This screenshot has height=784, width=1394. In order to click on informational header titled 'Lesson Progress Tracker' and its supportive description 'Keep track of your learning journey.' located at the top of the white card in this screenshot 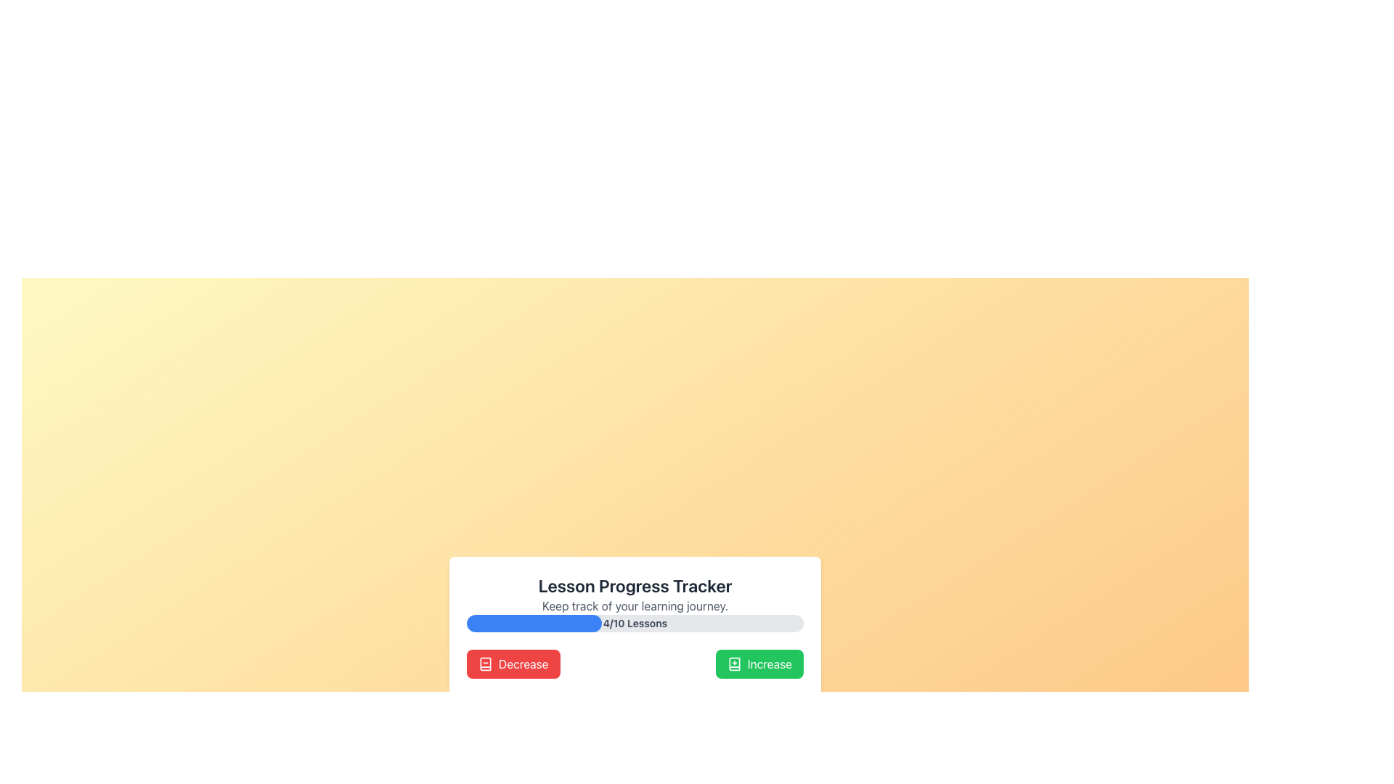, I will do `click(635, 594)`.